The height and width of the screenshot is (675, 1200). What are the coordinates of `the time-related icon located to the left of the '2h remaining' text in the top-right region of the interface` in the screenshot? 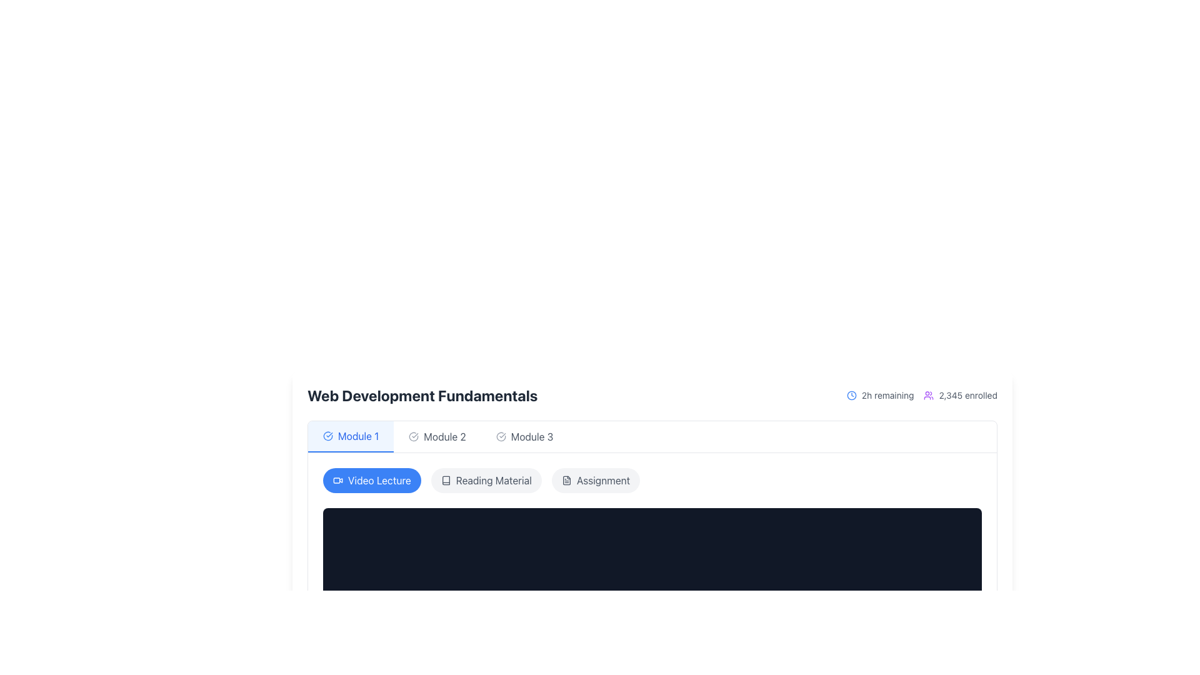 It's located at (851, 395).